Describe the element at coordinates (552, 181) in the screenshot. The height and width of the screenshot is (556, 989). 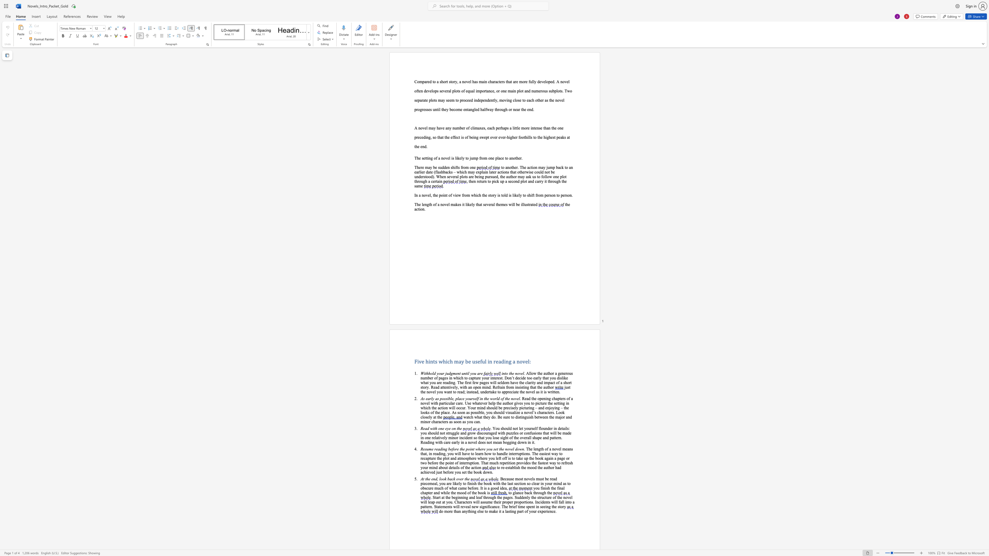
I see `the subset text "ou" within the text ", then return to pick up a second plot and carry it through the same"` at that location.